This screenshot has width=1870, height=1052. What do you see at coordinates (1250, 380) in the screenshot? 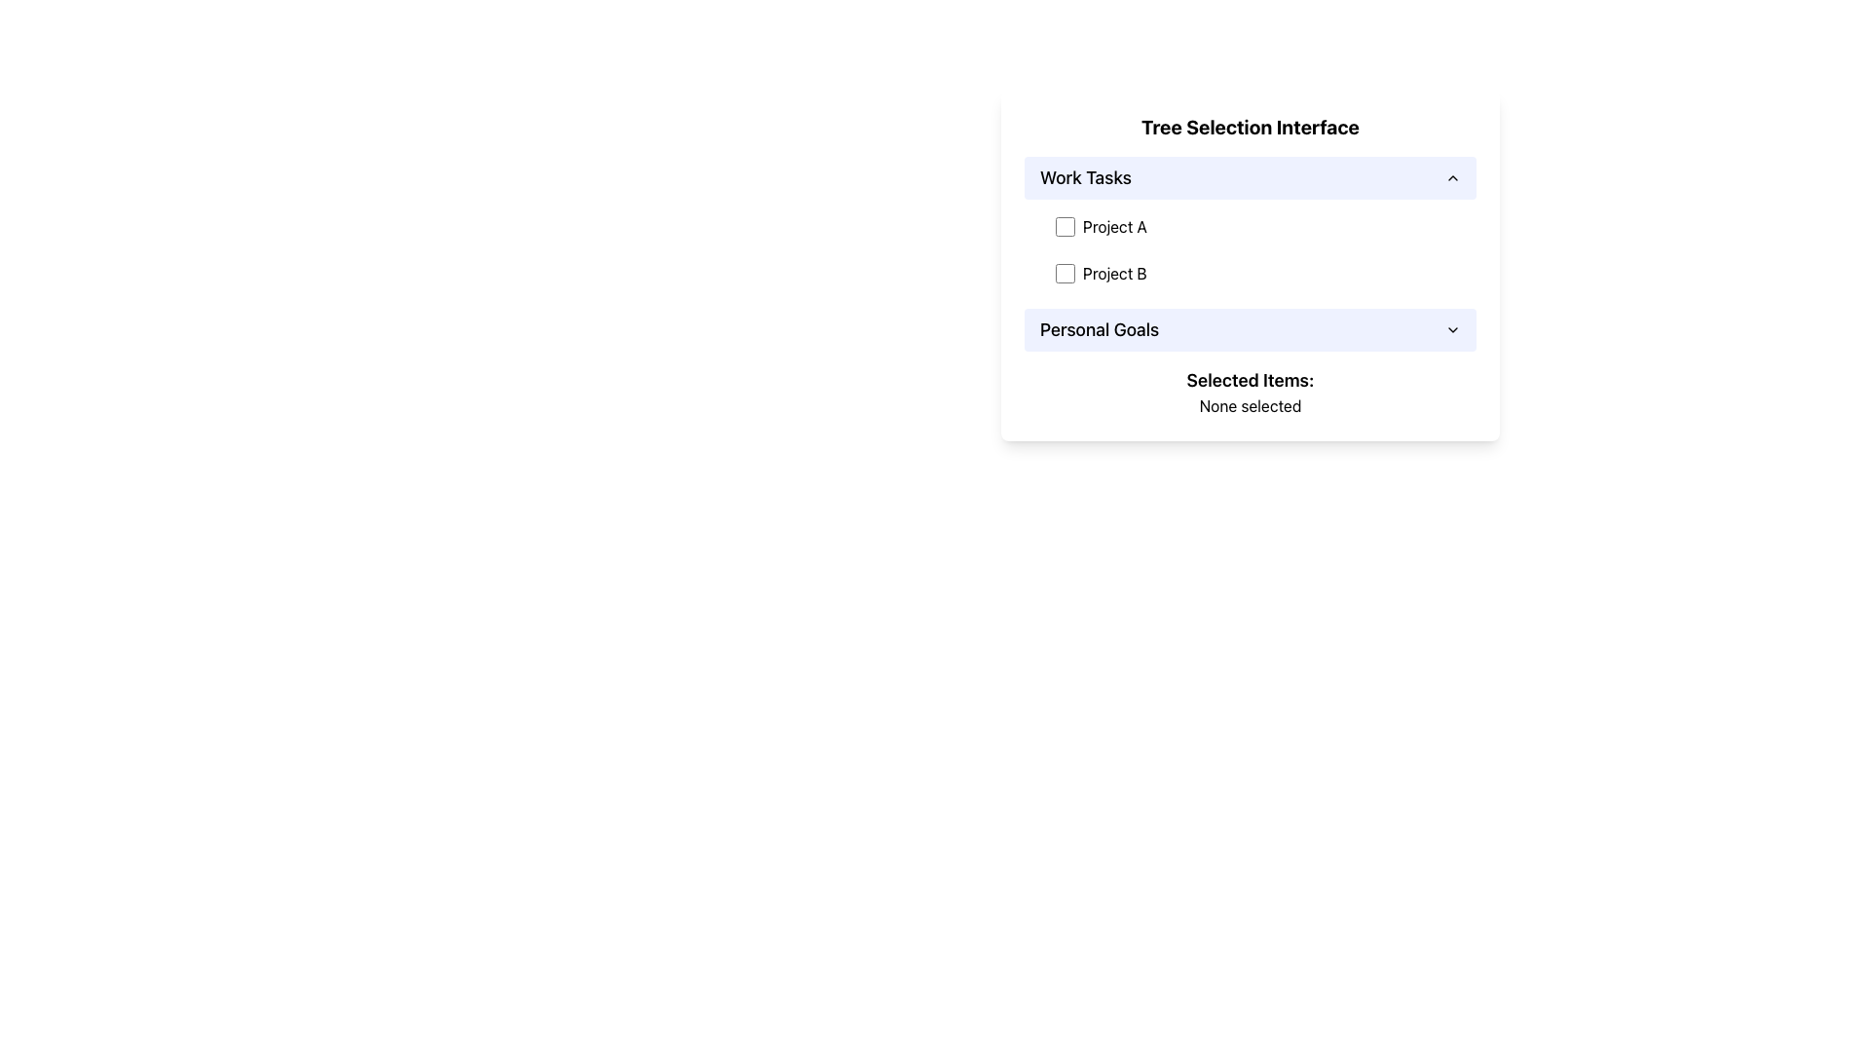
I see `the static text label displaying 'Selected Items:'` at bounding box center [1250, 380].